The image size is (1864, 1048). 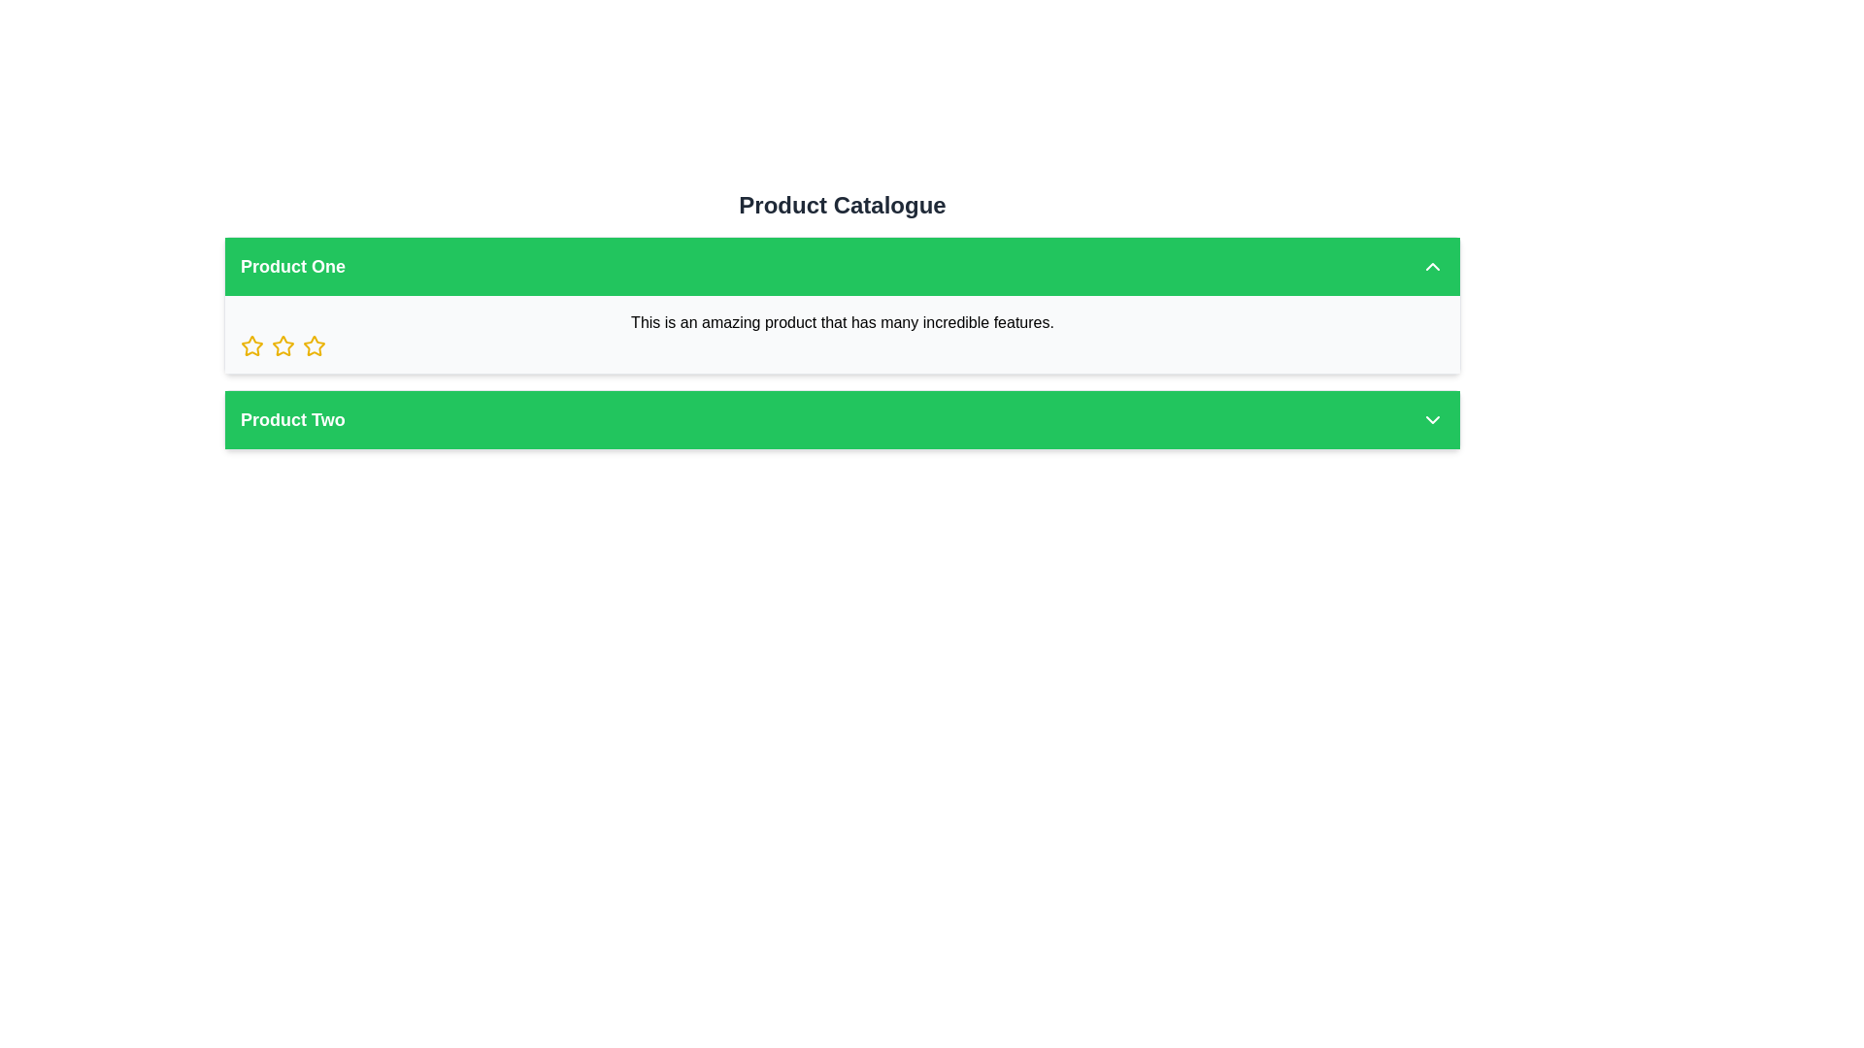 What do you see at coordinates (1433, 266) in the screenshot?
I see `the chevron-shaped upward-pointing arrow icon located at the right end of the green bar labeled 'Product One'` at bounding box center [1433, 266].